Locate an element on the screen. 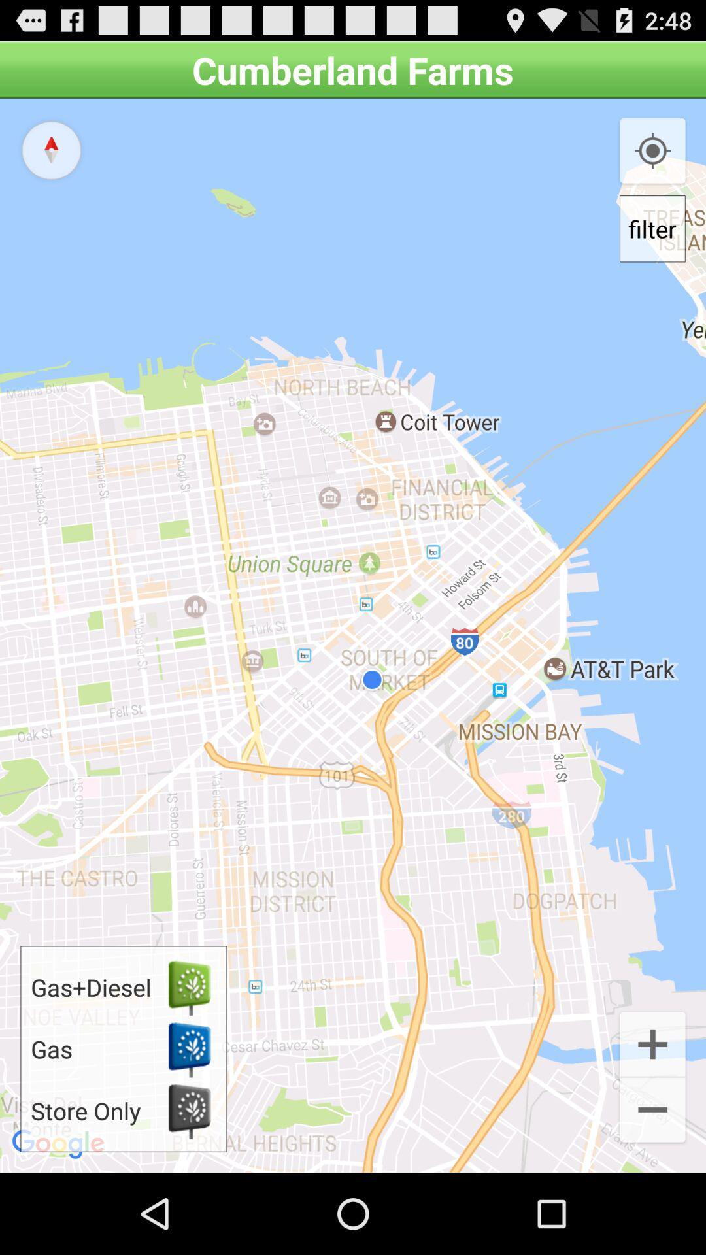 The width and height of the screenshot is (706, 1255). filter is located at coordinates (652, 229).